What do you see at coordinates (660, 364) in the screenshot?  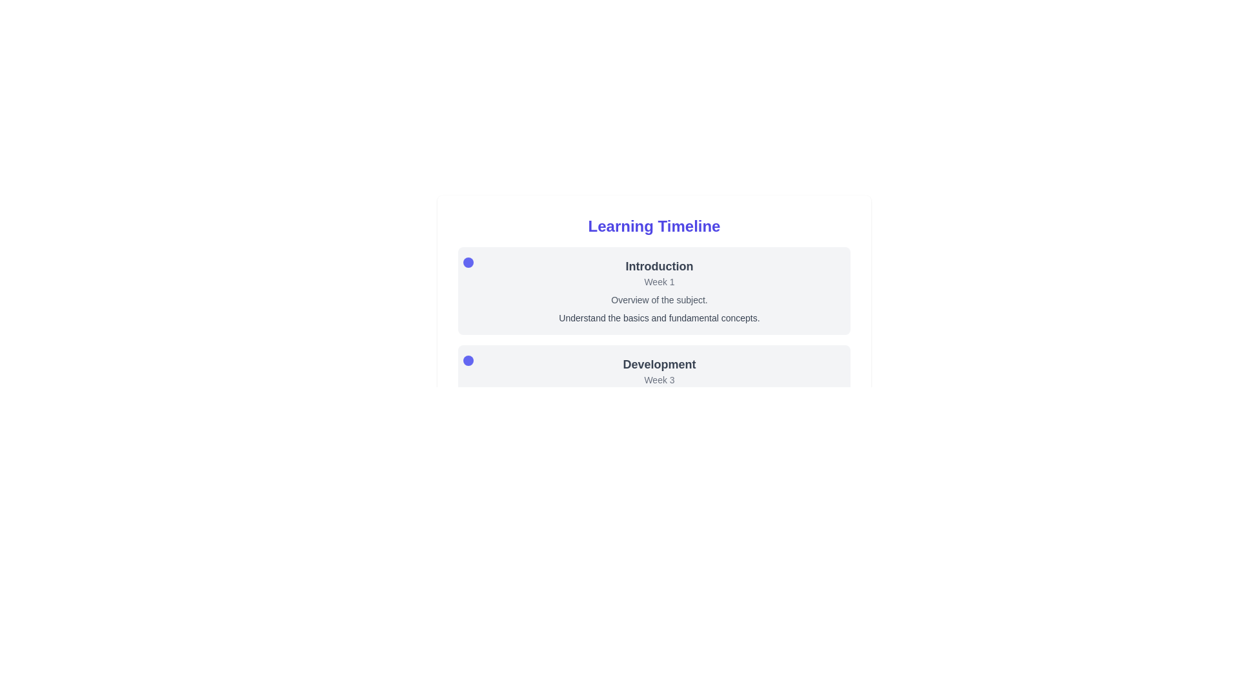 I see `text of the Text Label that serves as a title or heading within the timeline-style interface, positioned above 'Week 3' and to the right of a small circular indigo icon` at bounding box center [660, 364].